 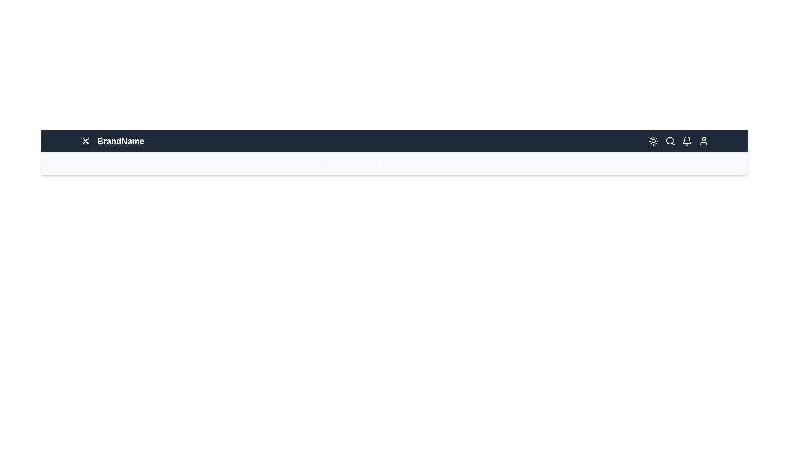 What do you see at coordinates (703, 141) in the screenshot?
I see `the User icon in the navigation bar` at bounding box center [703, 141].